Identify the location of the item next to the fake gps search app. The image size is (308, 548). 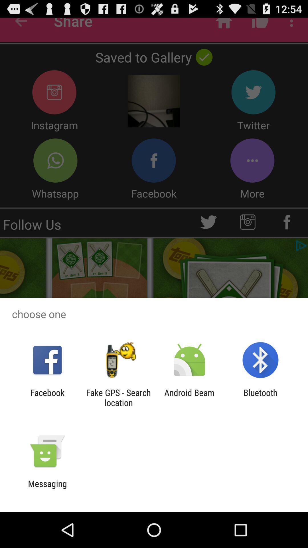
(47, 397).